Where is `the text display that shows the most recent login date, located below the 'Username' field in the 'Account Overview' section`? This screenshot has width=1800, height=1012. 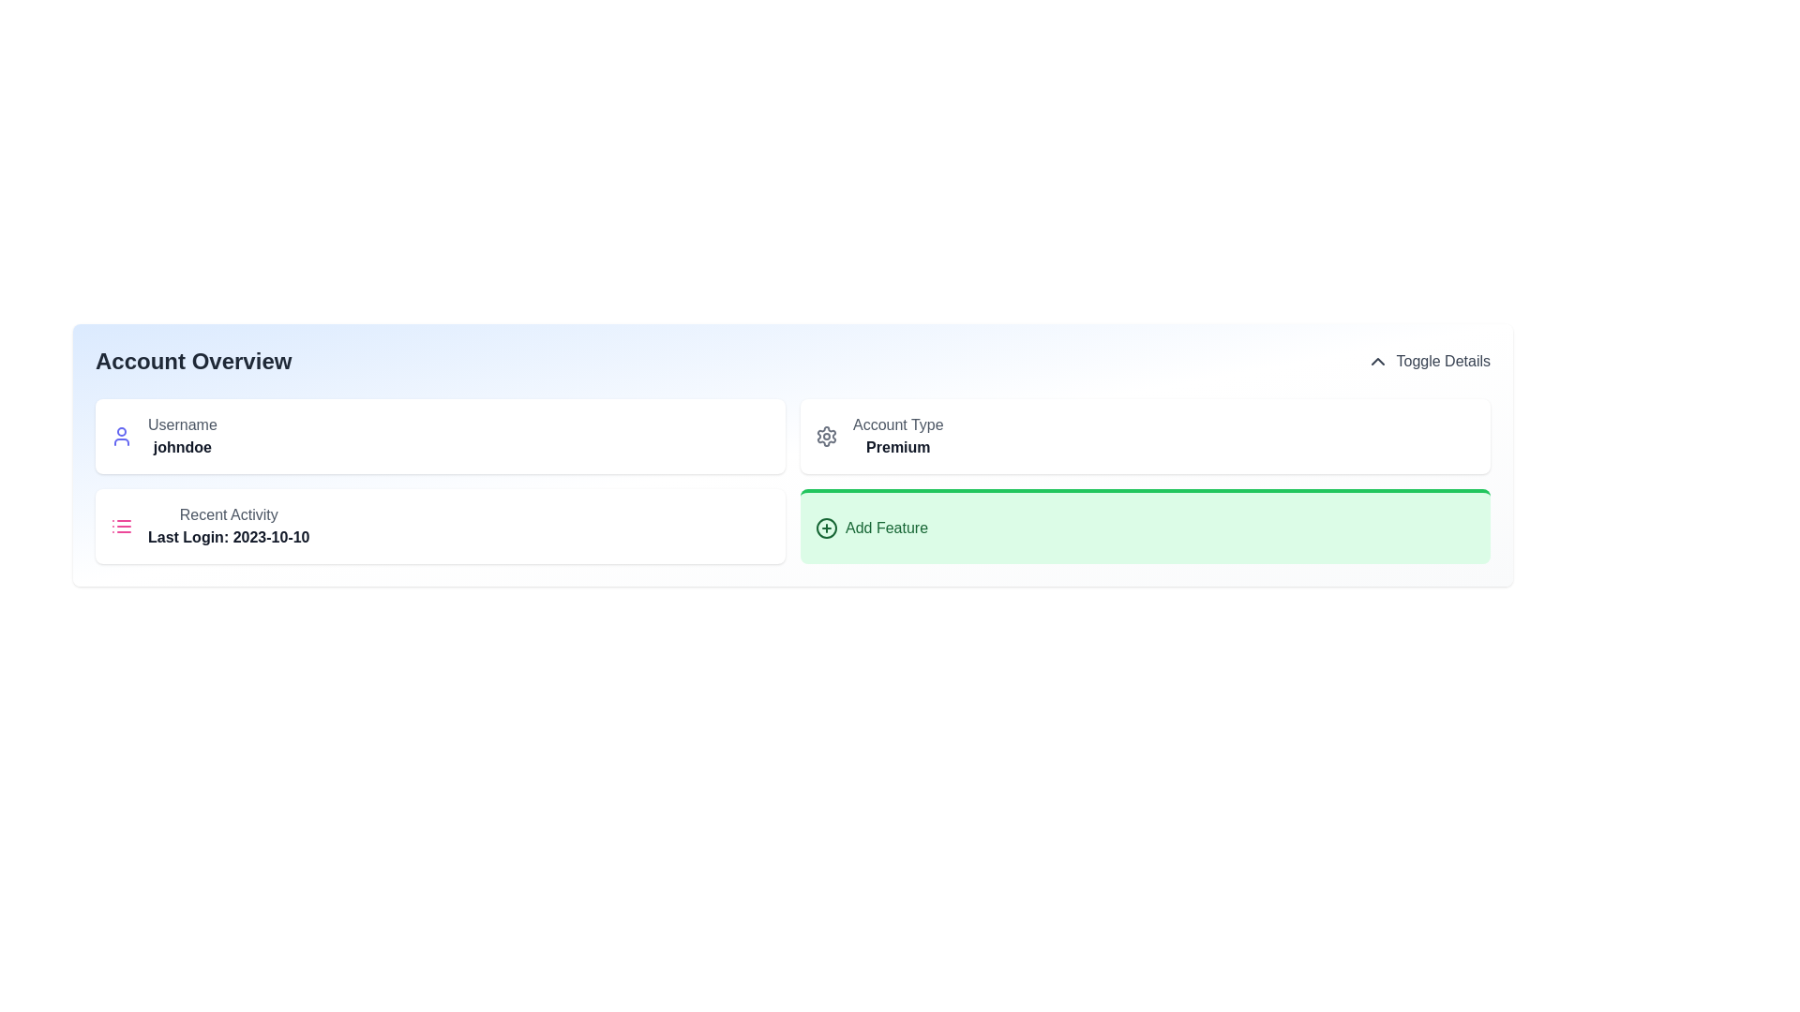 the text display that shows the most recent login date, located below the 'Username' field in the 'Account Overview' section is located at coordinates (228, 527).